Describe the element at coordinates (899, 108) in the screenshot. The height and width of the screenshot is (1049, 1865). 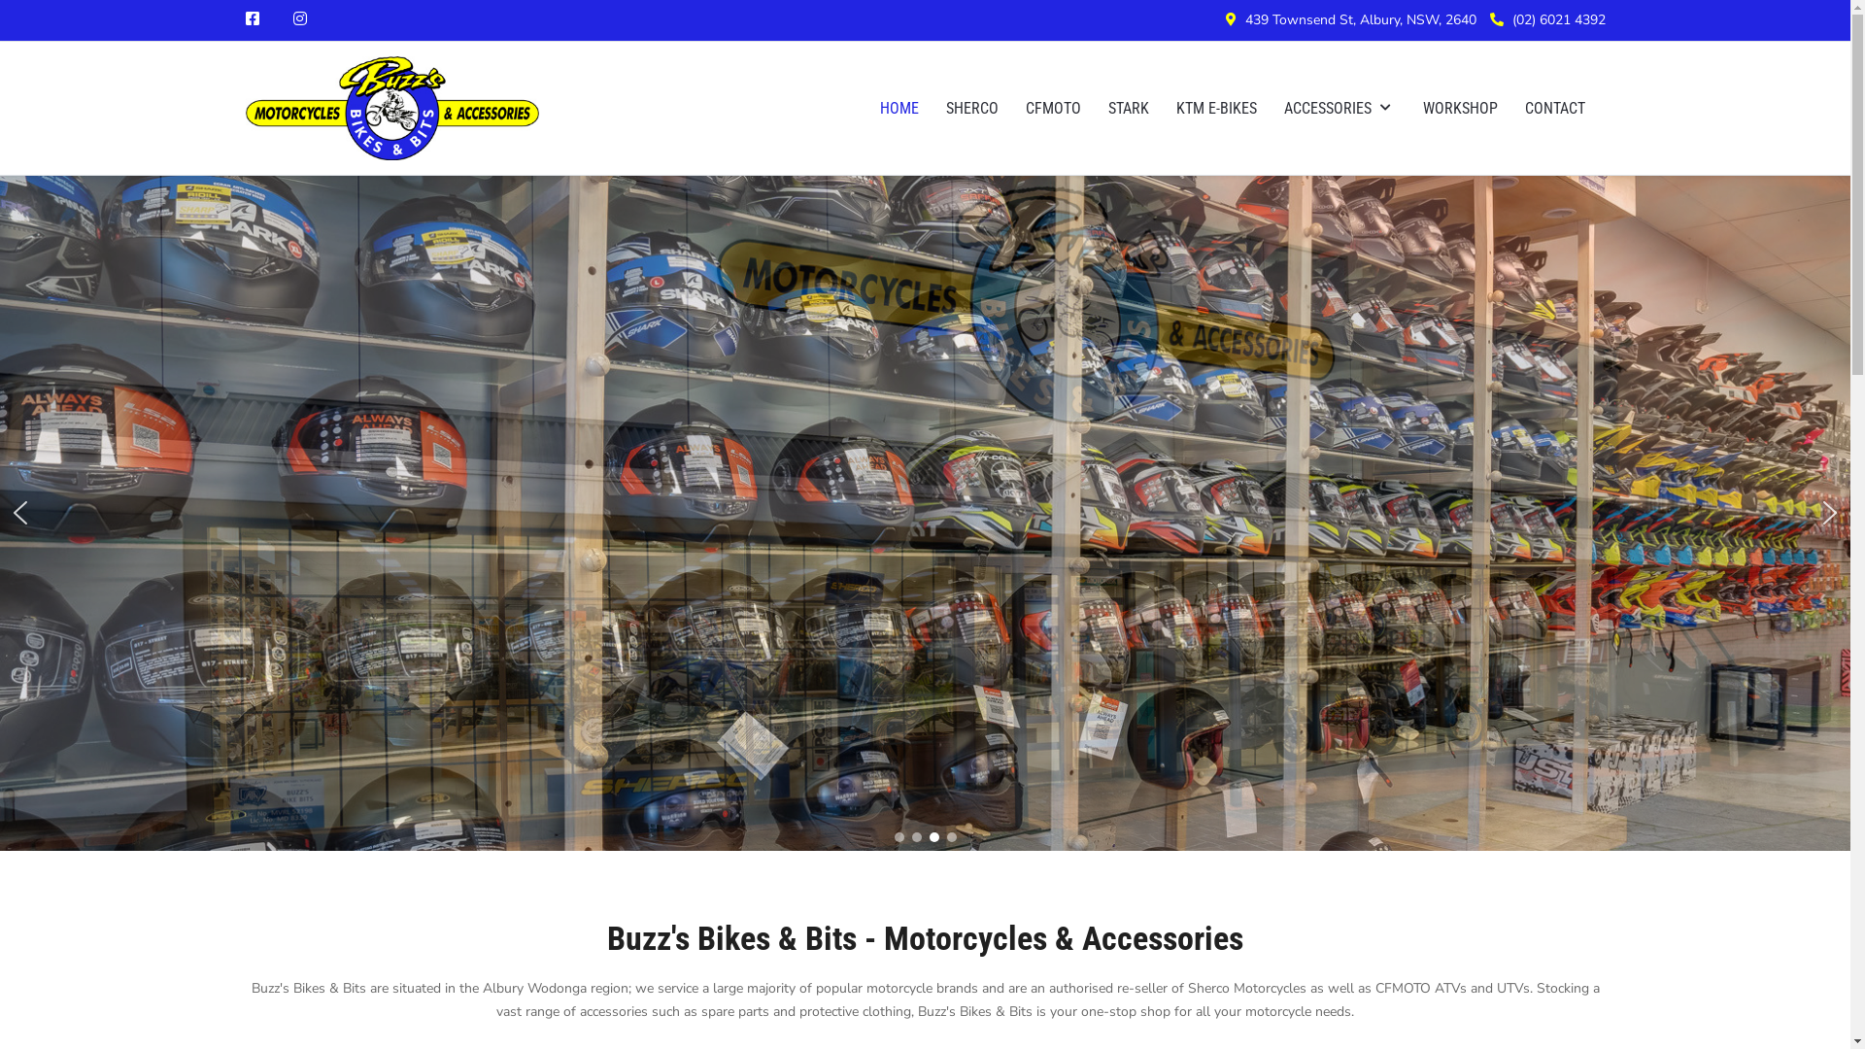
I see `'HOME'` at that location.